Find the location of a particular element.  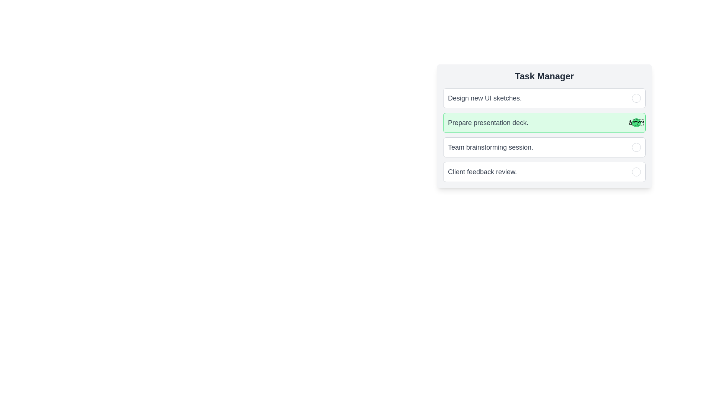

the completed task item labeled 'Prepare presentation deck' in the 'Task Manager' module is located at coordinates (544, 135).